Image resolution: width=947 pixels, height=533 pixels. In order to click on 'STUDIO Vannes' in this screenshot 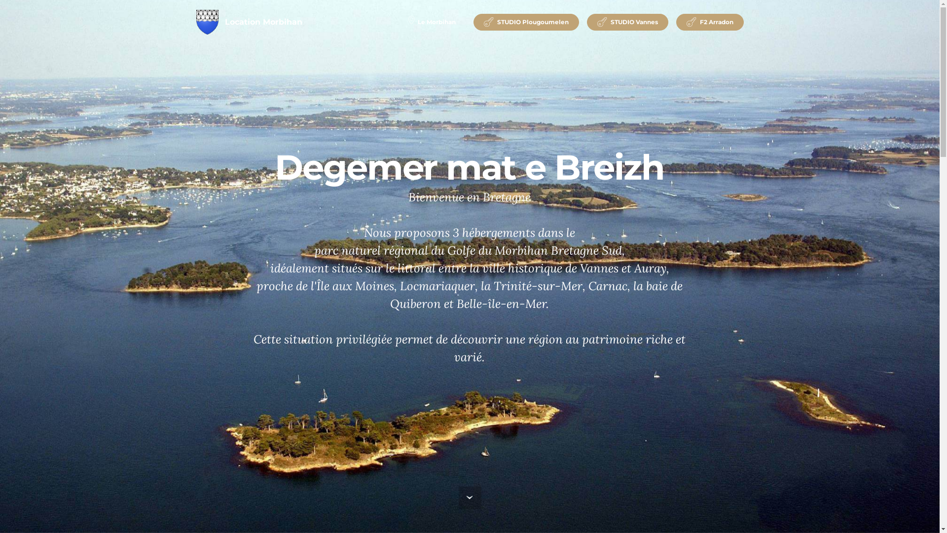, I will do `click(627, 22)`.